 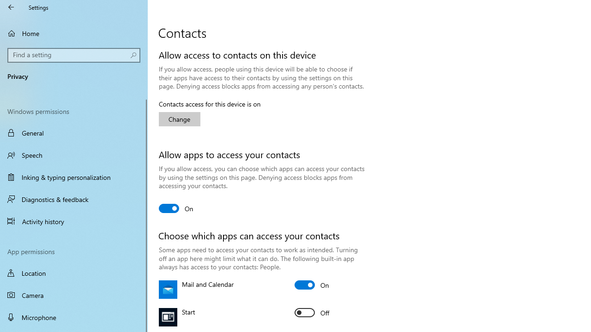 What do you see at coordinates (74, 55) in the screenshot?
I see `'Search box, Find a setting'` at bounding box center [74, 55].